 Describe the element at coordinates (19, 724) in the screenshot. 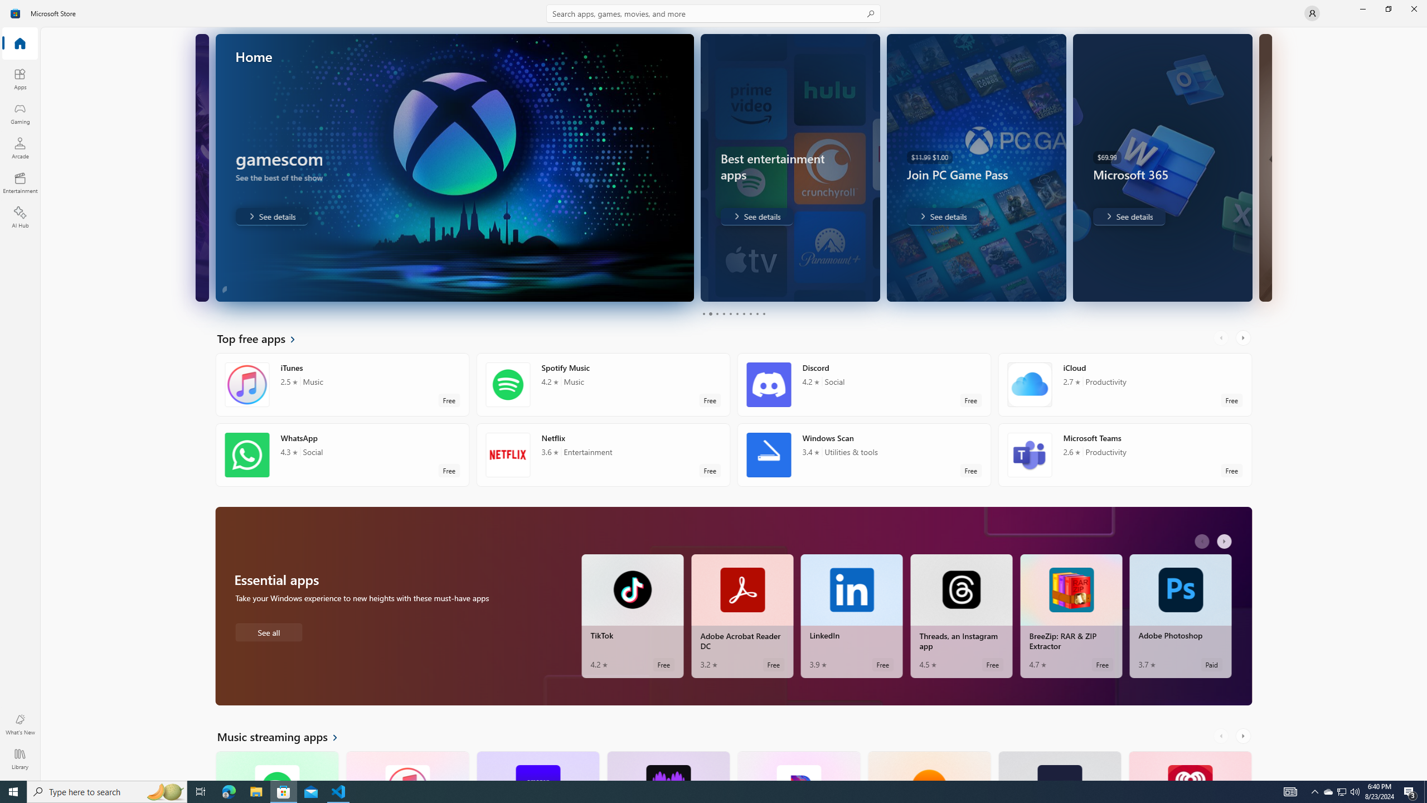

I see `'What'` at that location.